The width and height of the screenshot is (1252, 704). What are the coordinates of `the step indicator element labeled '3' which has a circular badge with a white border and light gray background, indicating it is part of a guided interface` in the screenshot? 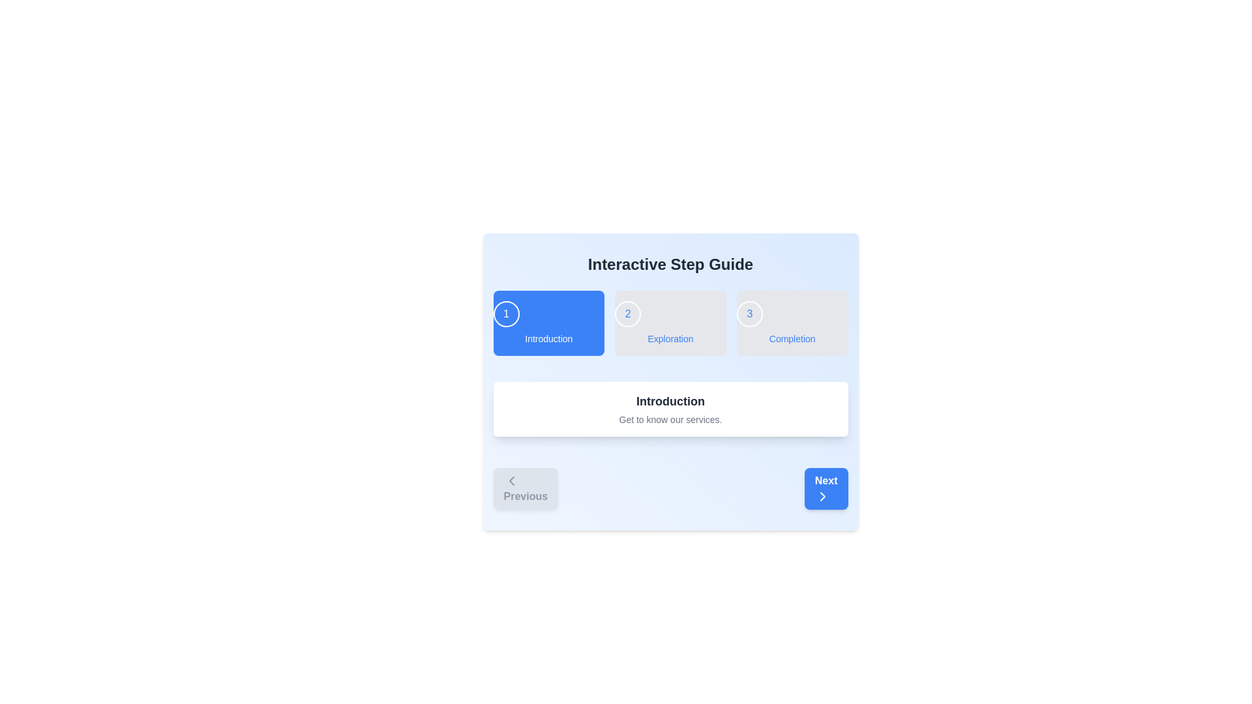 It's located at (749, 314).